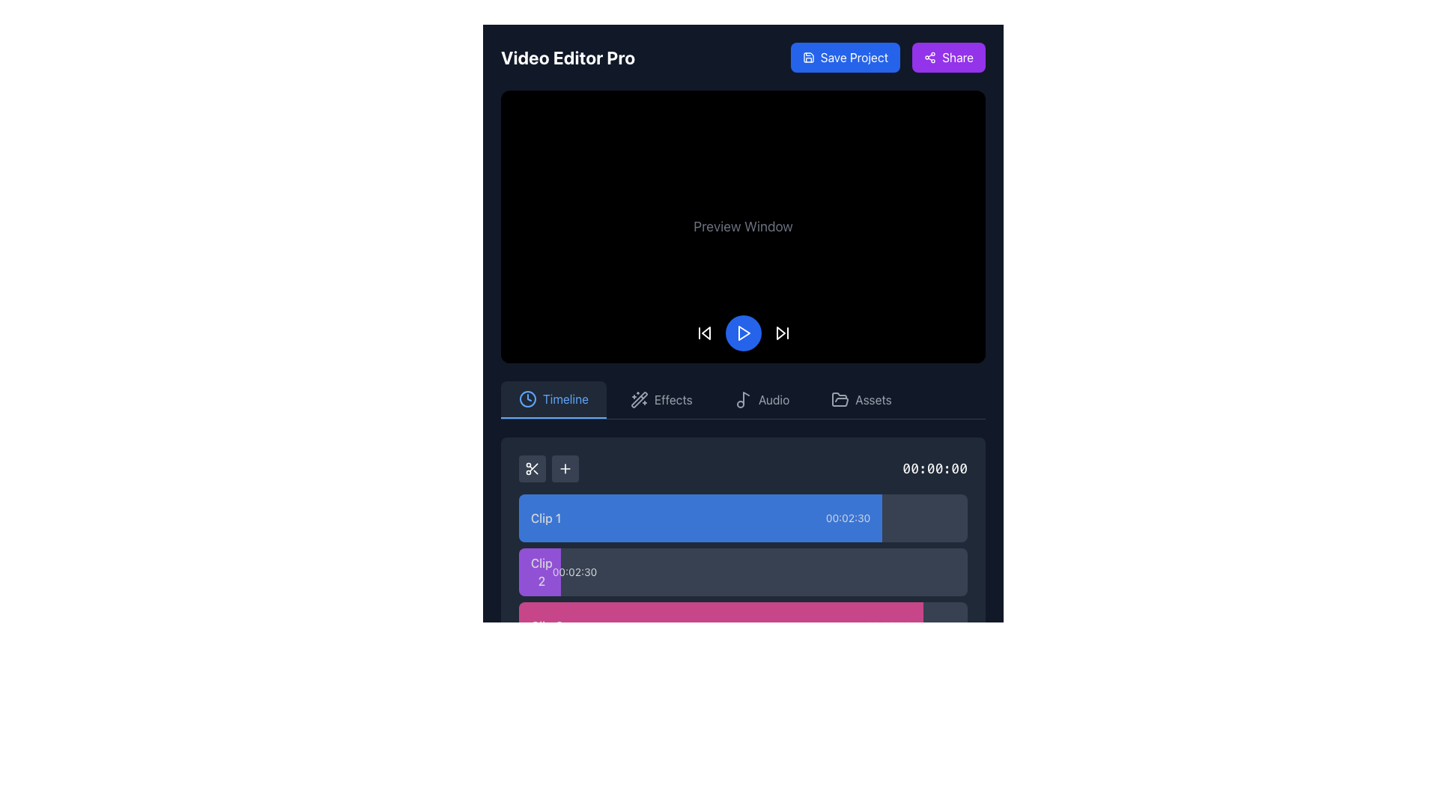 The width and height of the screenshot is (1438, 809). Describe the element at coordinates (744, 332) in the screenshot. I see `the 'Play' button icon located at the center of the interface below the preview section` at that location.